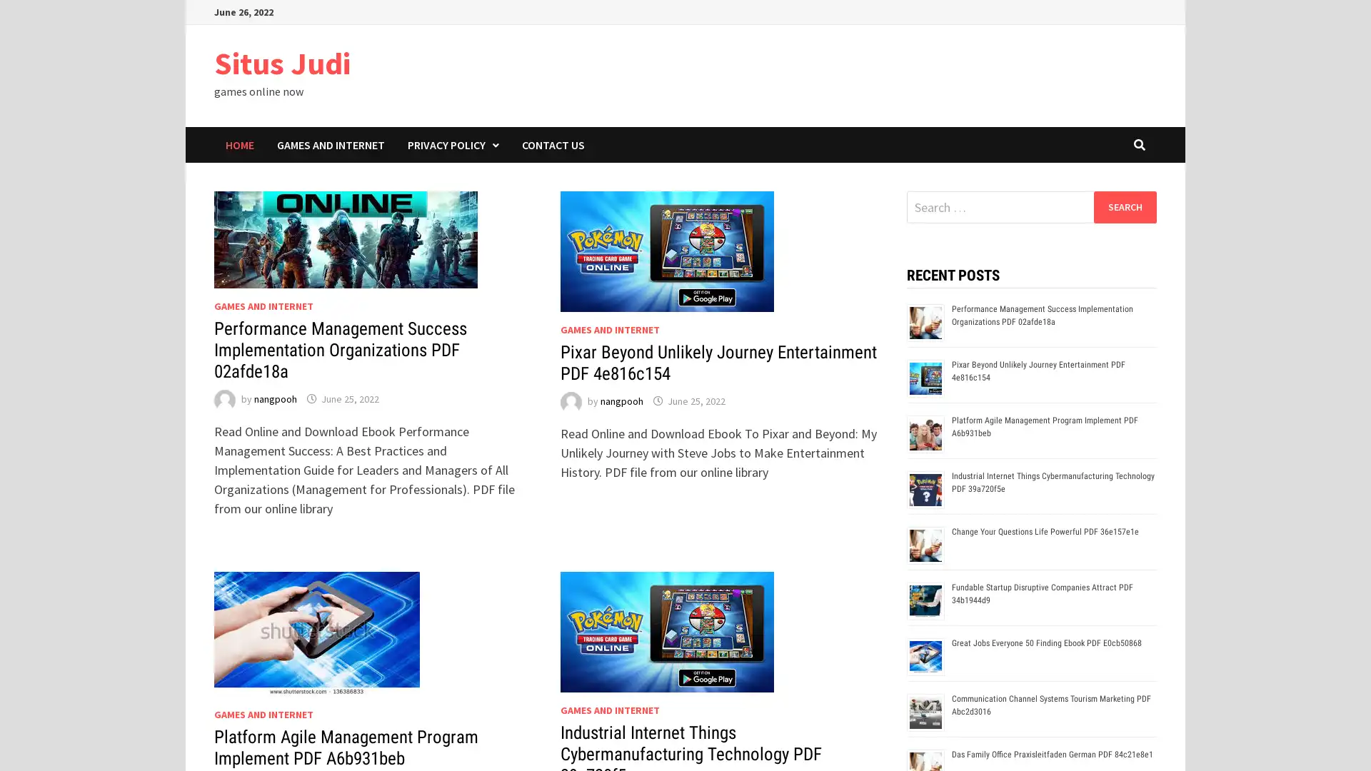  Describe the element at coordinates (1124, 206) in the screenshot. I see `Search` at that location.